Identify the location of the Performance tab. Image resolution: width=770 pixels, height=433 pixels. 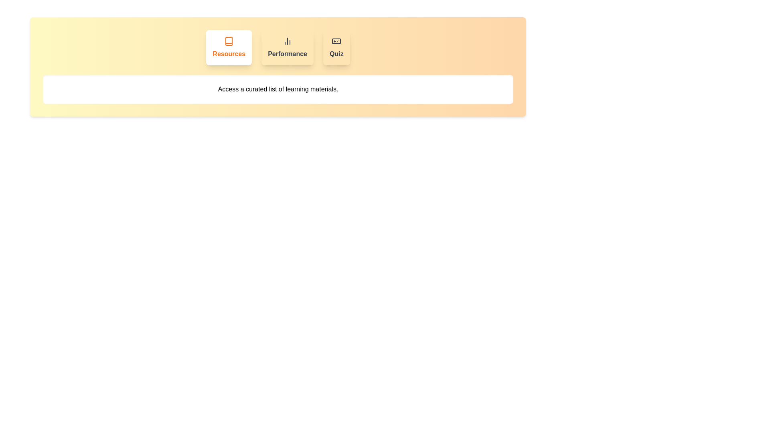
(287, 48).